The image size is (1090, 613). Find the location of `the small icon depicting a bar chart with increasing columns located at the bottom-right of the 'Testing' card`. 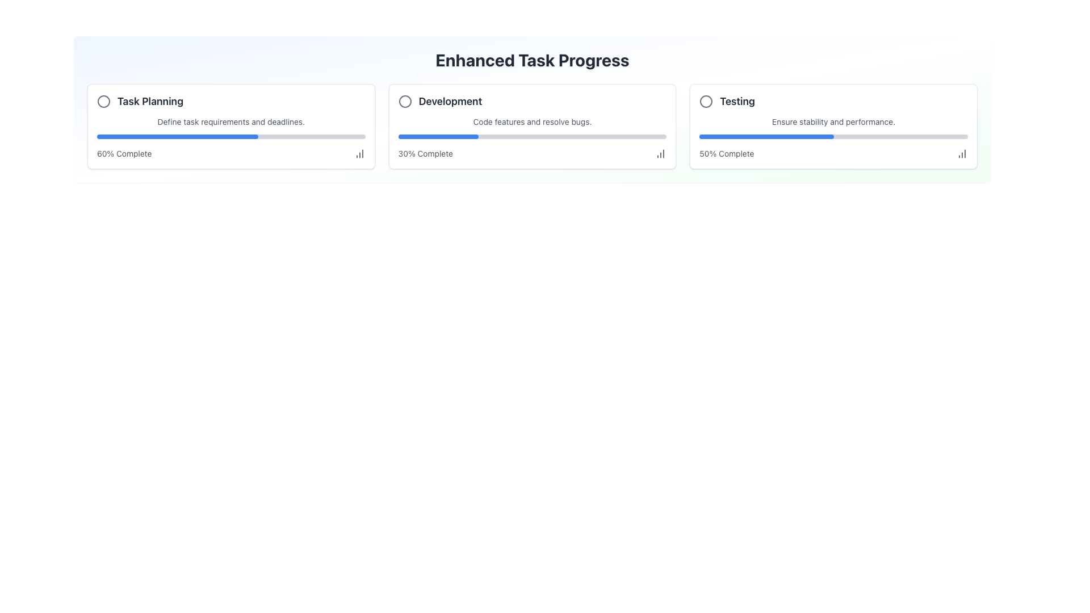

the small icon depicting a bar chart with increasing columns located at the bottom-right of the 'Testing' card is located at coordinates (961, 153).